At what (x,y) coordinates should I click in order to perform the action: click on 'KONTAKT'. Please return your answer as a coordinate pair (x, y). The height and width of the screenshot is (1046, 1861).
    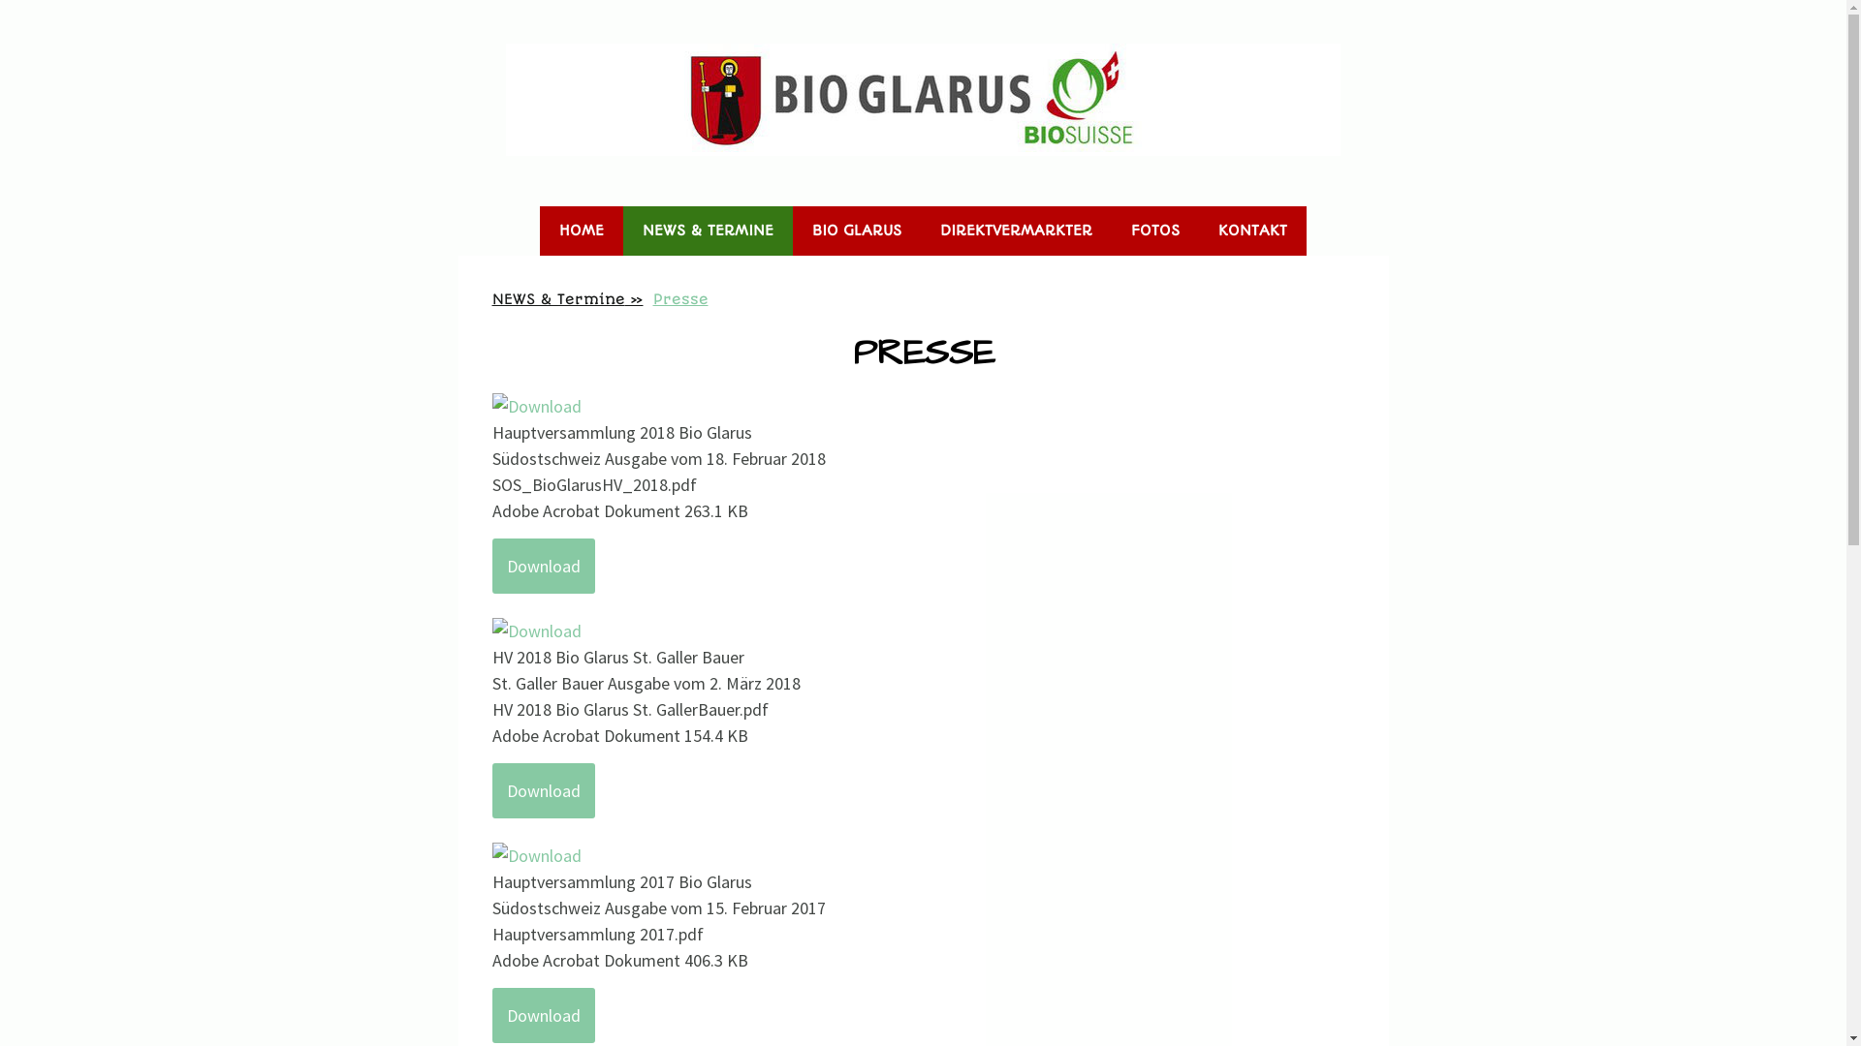
    Looking at the image, I should click on (1198, 230).